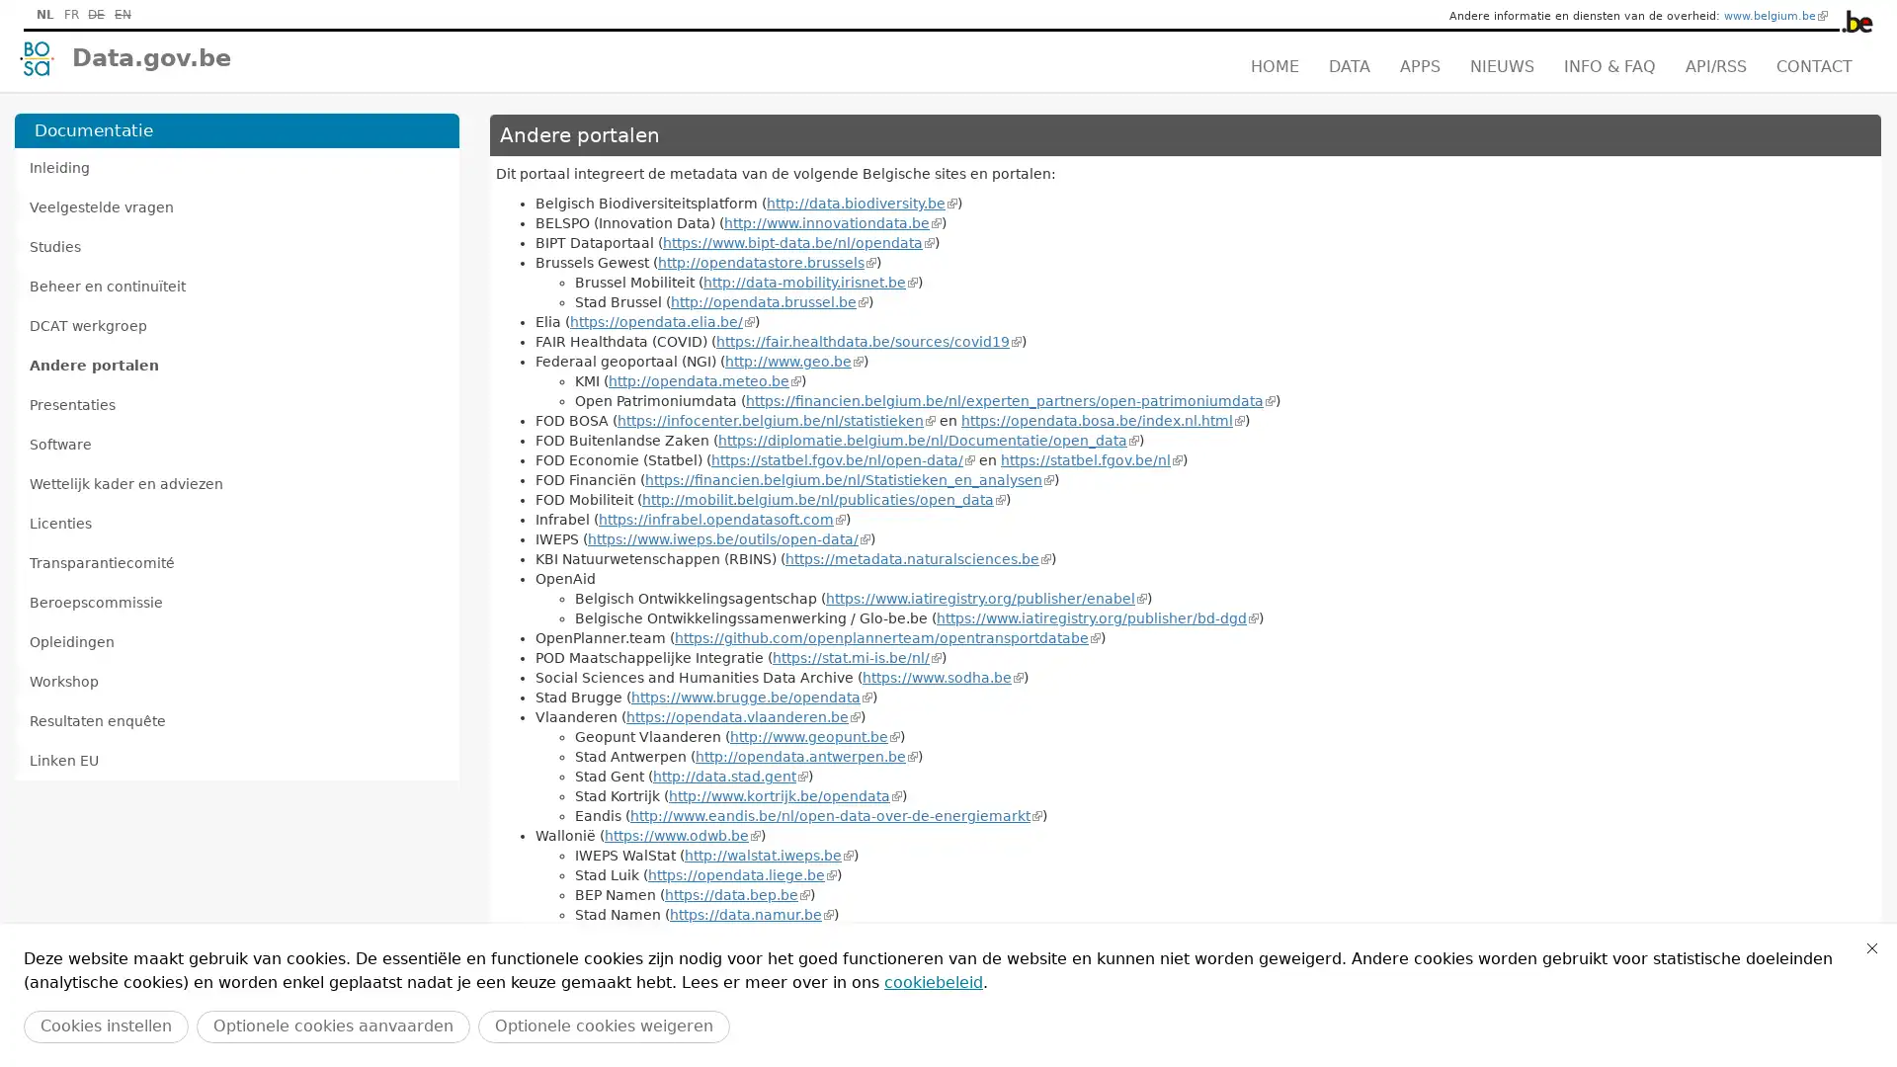 The image size is (1897, 1067). Describe the element at coordinates (603, 1026) in the screenshot. I see `Optionele cookies weigeren` at that location.